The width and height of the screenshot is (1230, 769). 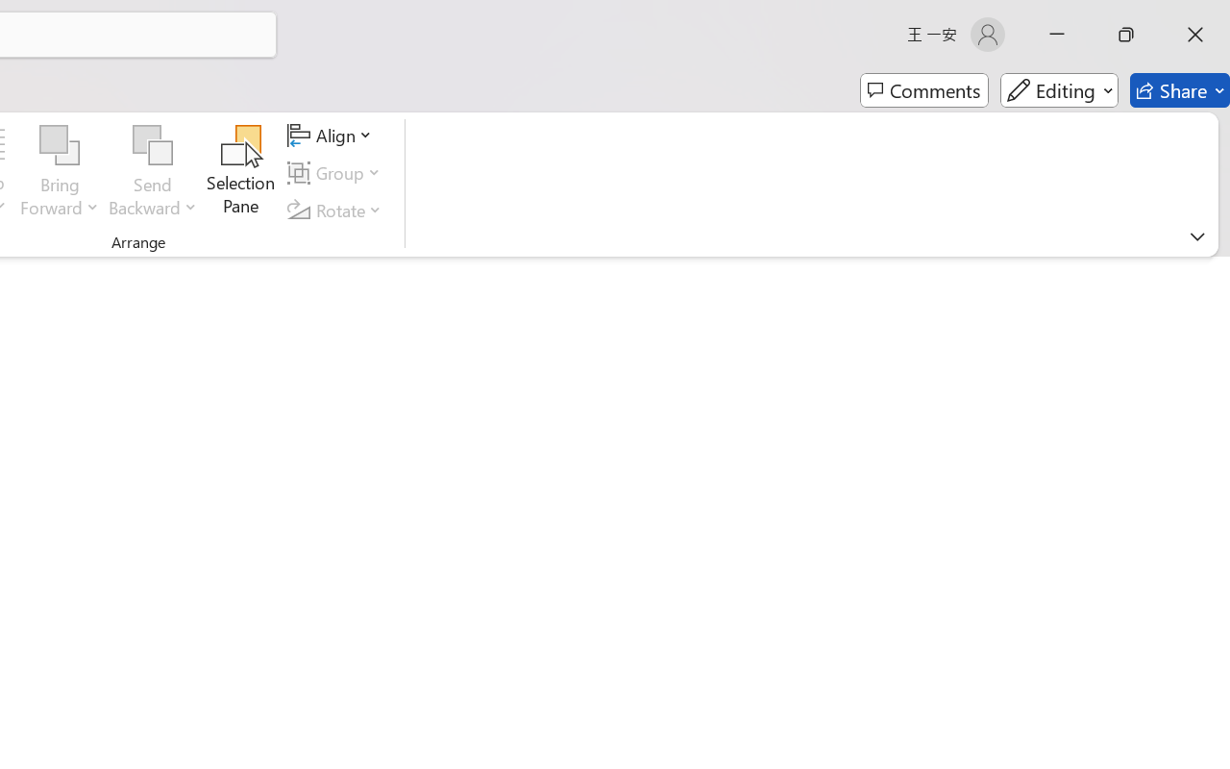 I want to click on 'Bring Forward', so click(x=60, y=145).